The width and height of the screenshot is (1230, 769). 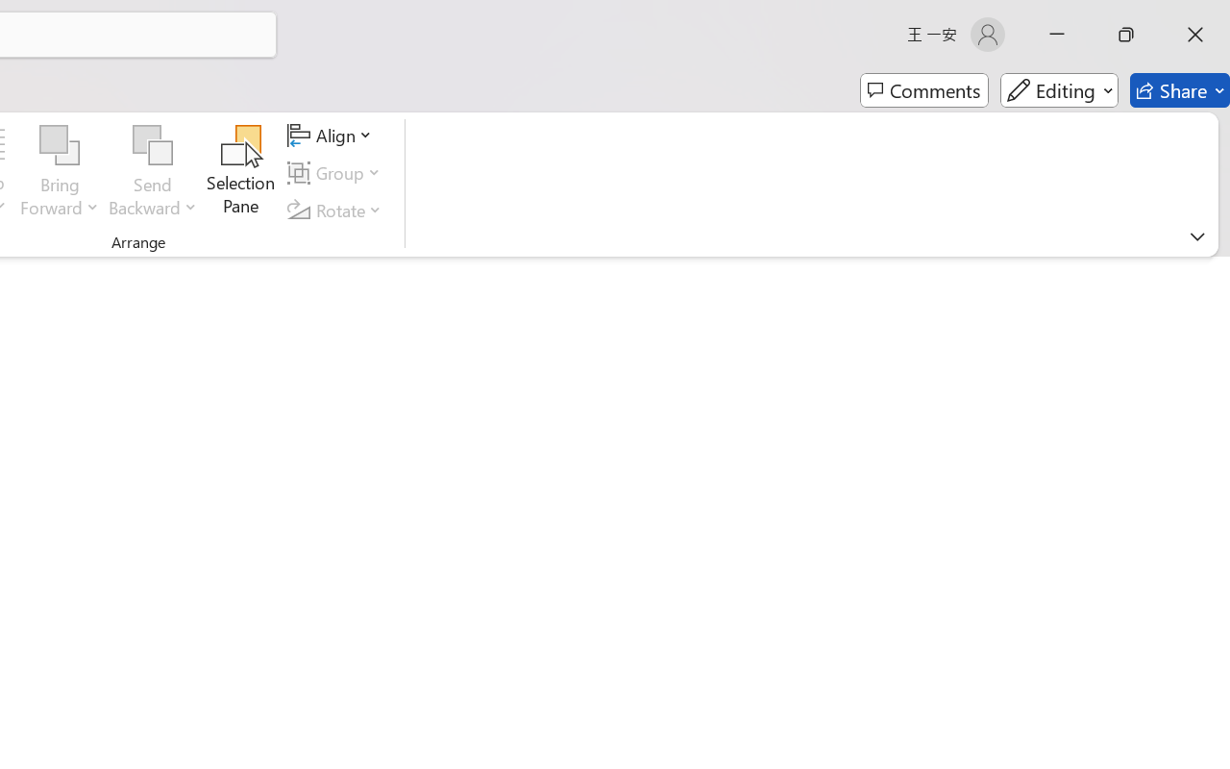 I want to click on 'Bring Forward', so click(x=60, y=145).